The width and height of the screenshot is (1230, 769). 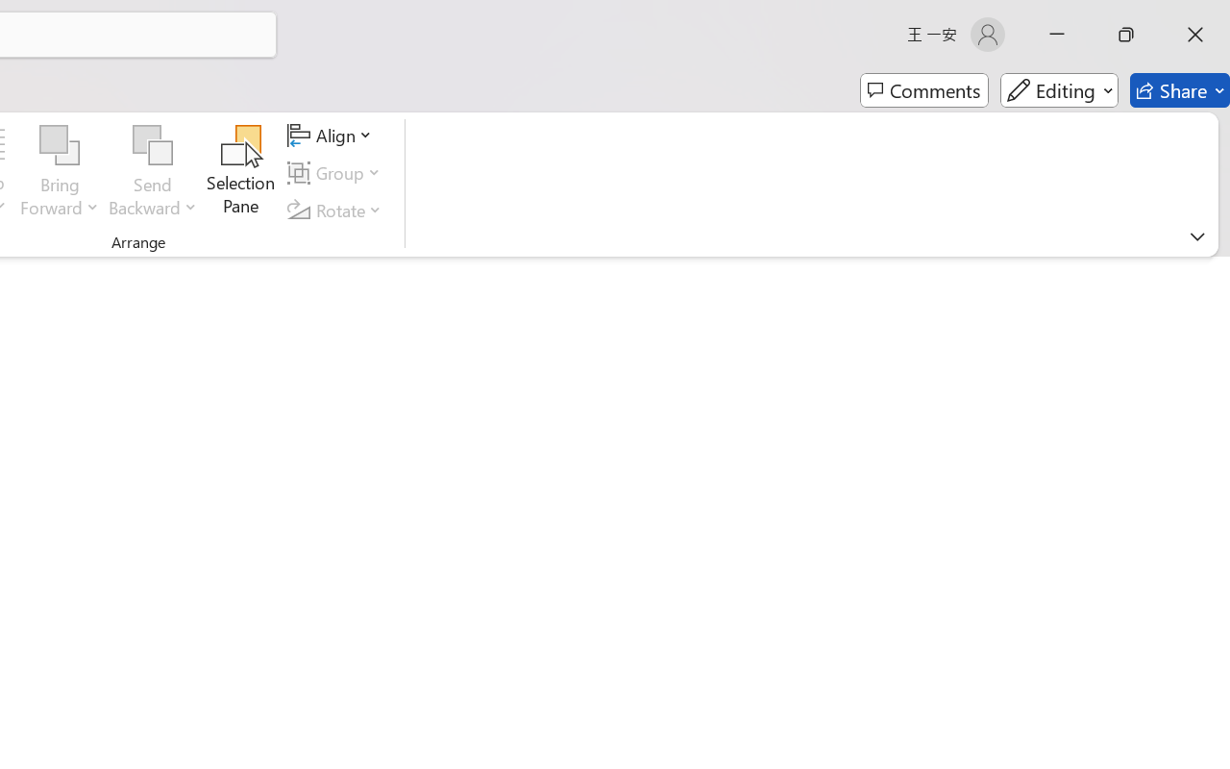 I want to click on 'Bring Forward', so click(x=60, y=145).